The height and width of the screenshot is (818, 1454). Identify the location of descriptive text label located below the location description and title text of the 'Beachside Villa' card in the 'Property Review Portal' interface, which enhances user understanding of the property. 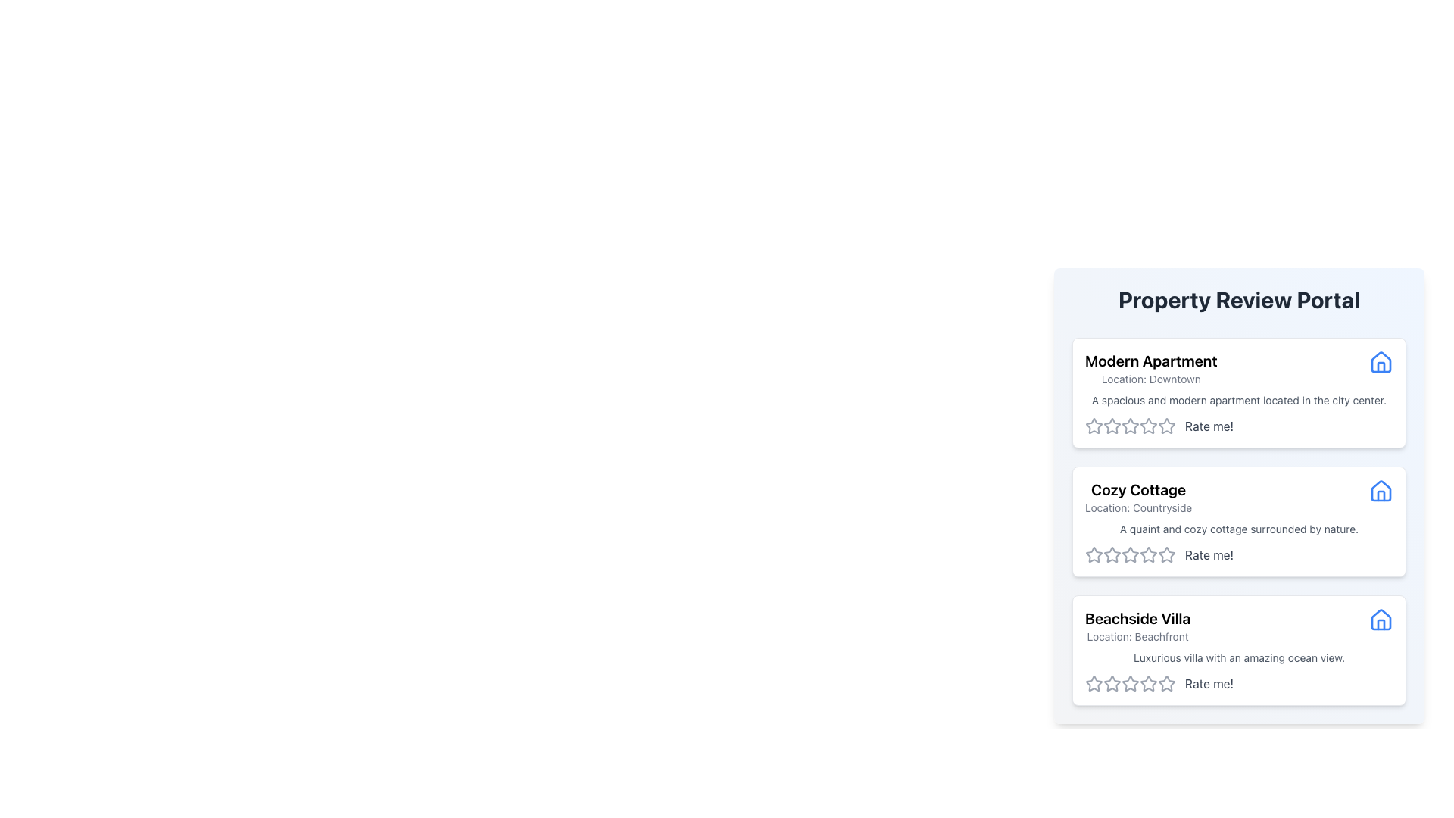
(1239, 657).